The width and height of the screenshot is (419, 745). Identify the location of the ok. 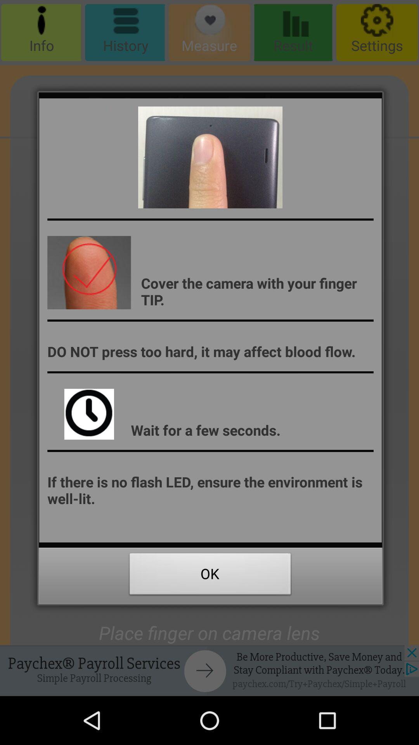
(210, 576).